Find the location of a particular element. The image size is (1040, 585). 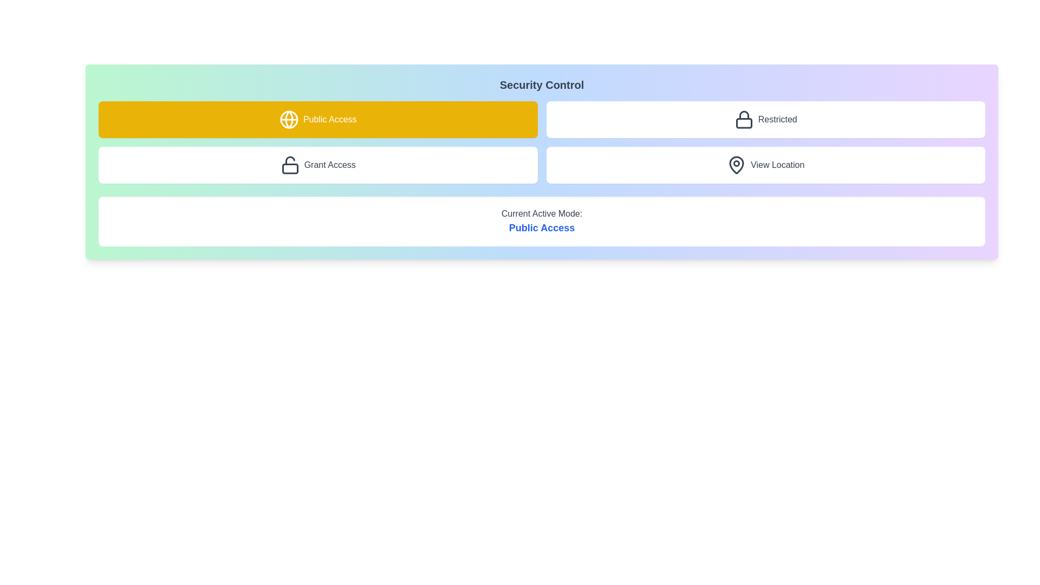

the mode Public Access by clicking on the corresponding button is located at coordinates (317, 119).